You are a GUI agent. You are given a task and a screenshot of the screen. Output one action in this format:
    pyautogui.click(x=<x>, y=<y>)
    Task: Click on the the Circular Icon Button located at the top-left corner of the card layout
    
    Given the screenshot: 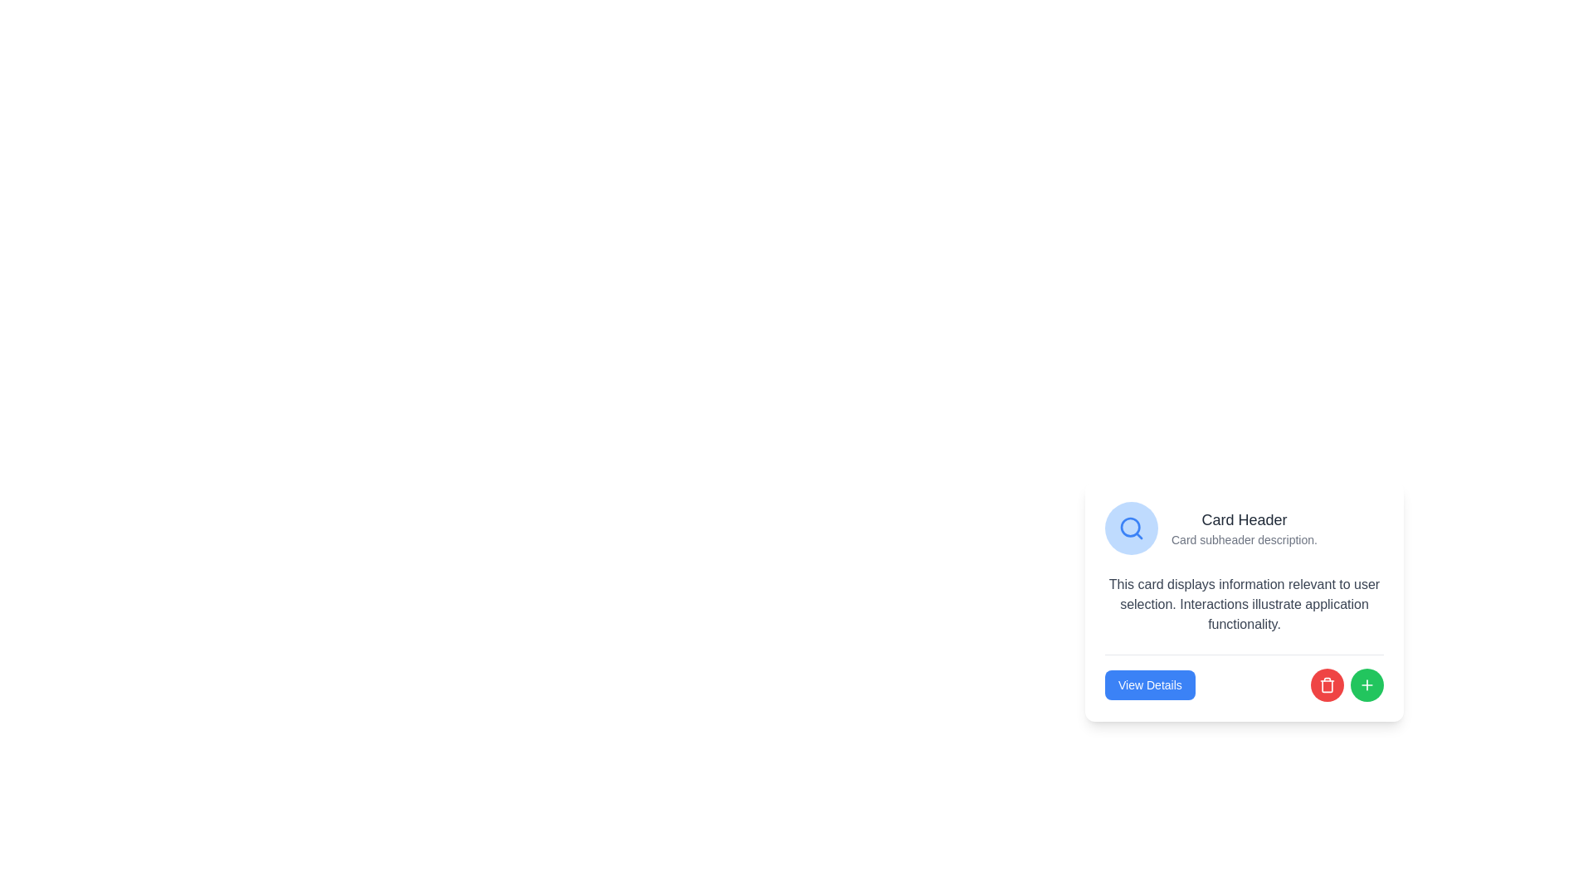 What is the action you would take?
    pyautogui.click(x=1130, y=528)
    